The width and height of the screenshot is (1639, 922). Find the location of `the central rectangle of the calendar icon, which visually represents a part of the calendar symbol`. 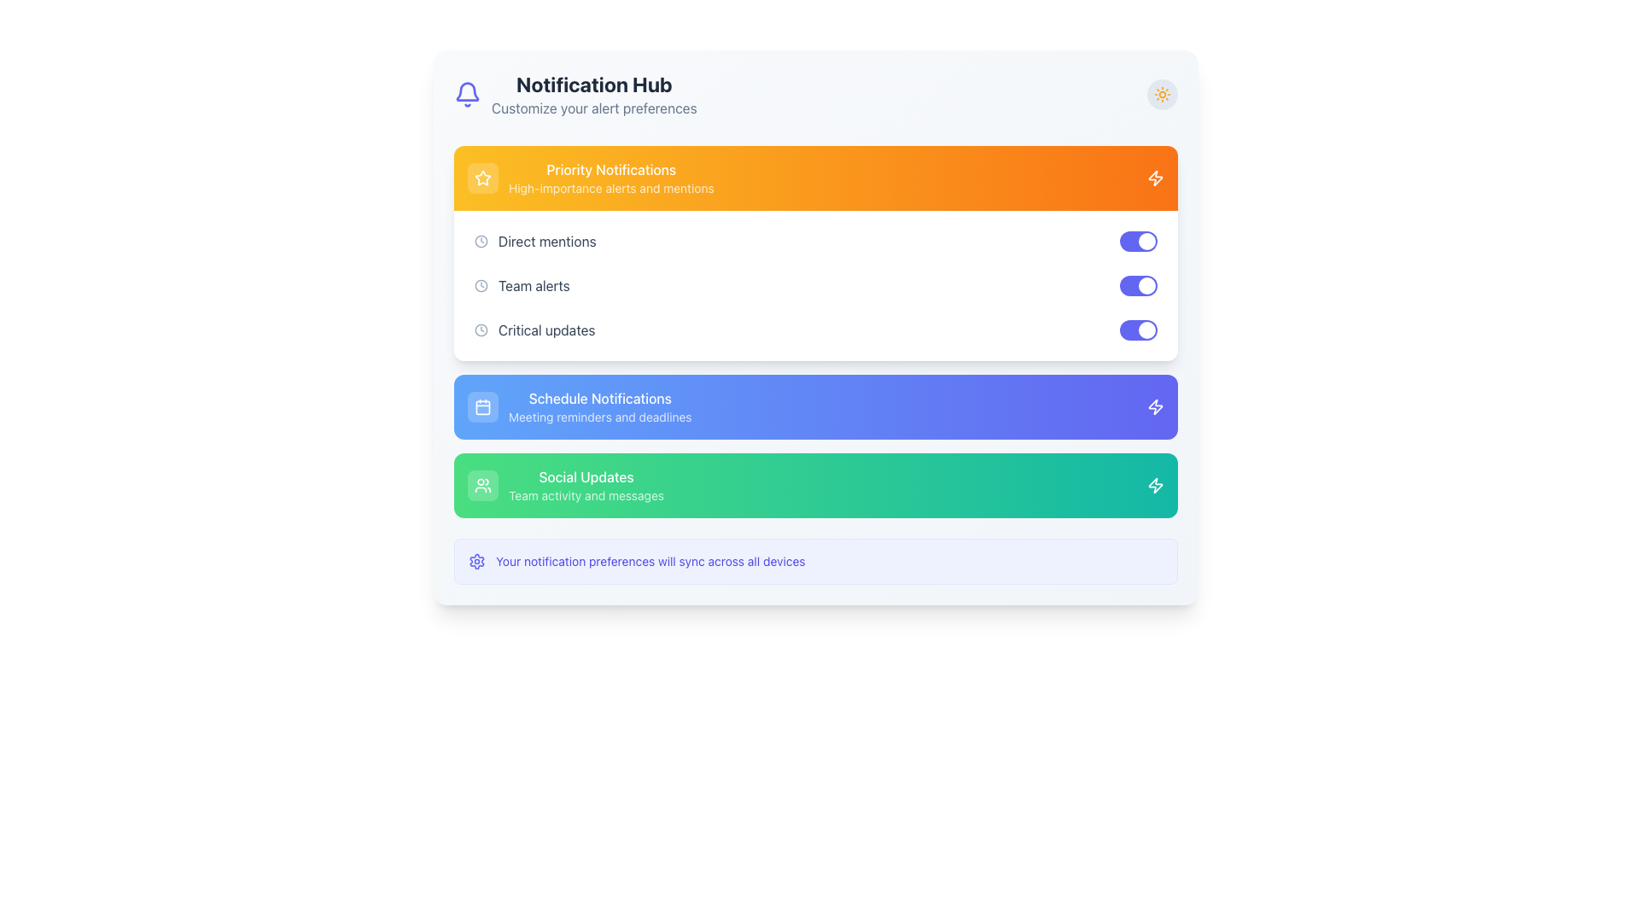

the central rectangle of the calendar icon, which visually represents a part of the calendar symbol is located at coordinates (482, 407).